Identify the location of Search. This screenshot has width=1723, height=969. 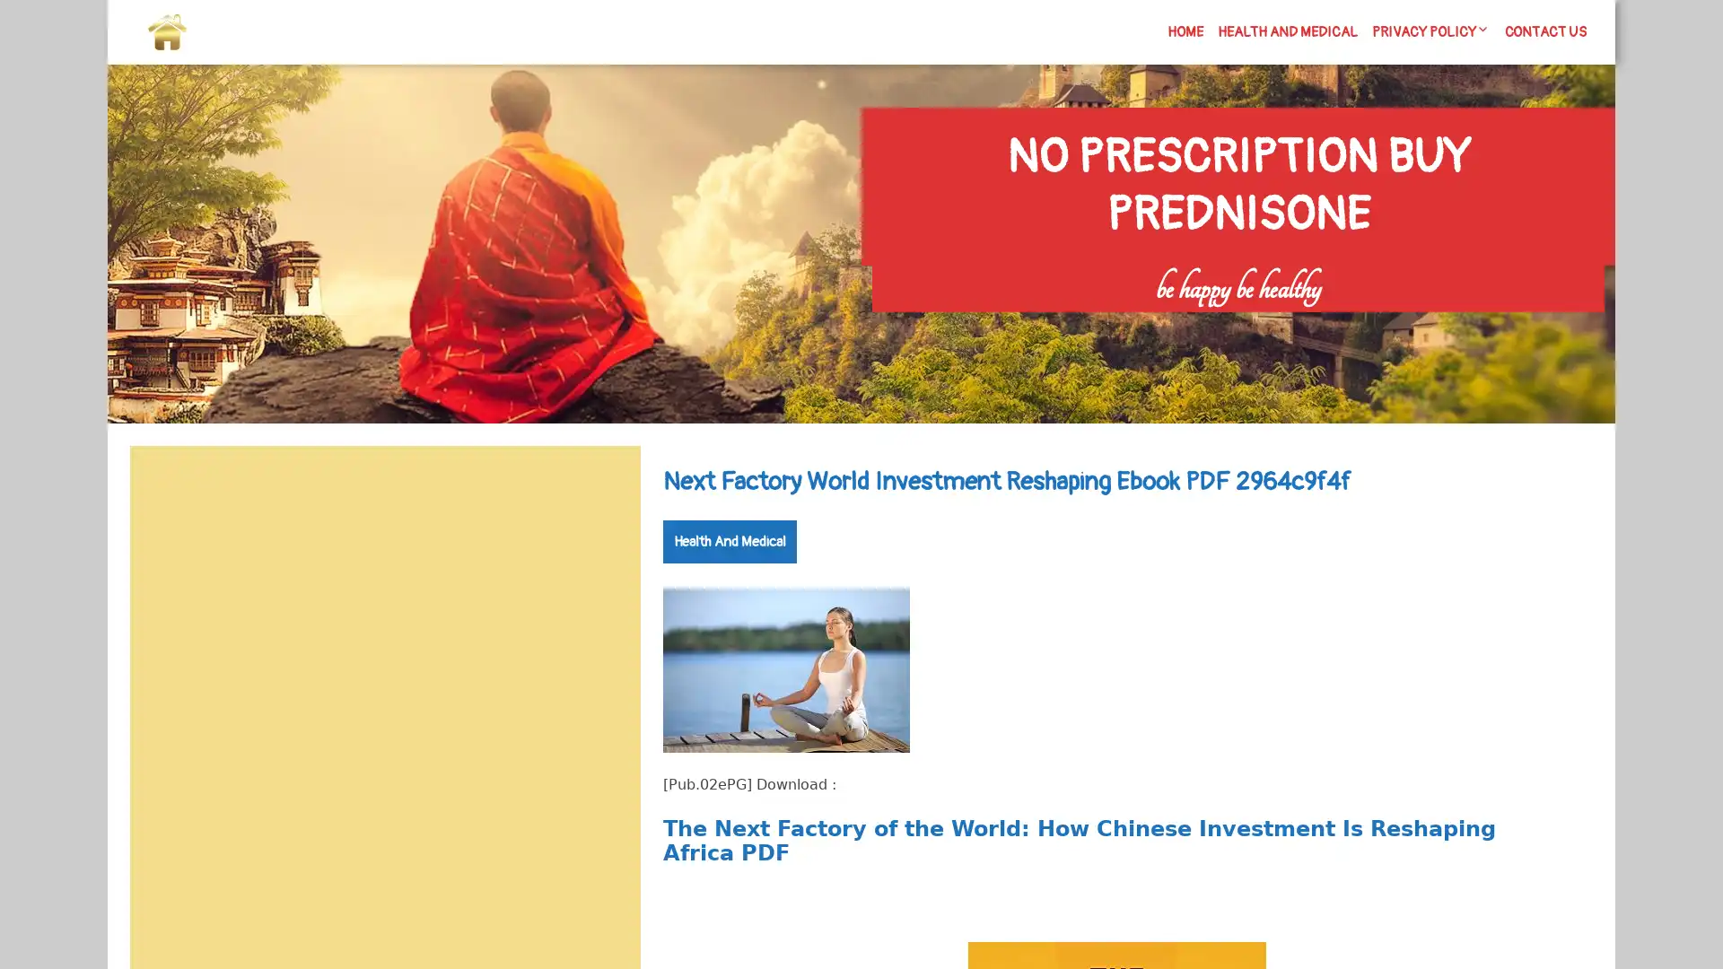
(1397, 324).